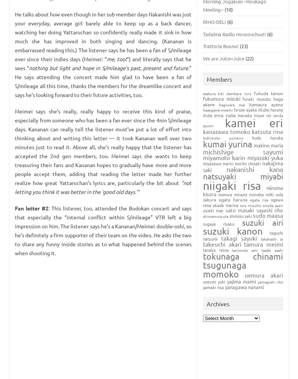 The width and height of the screenshot is (298, 379). What do you see at coordinates (272, 204) in the screenshot?
I see `'Onoda Saori'` at bounding box center [272, 204].